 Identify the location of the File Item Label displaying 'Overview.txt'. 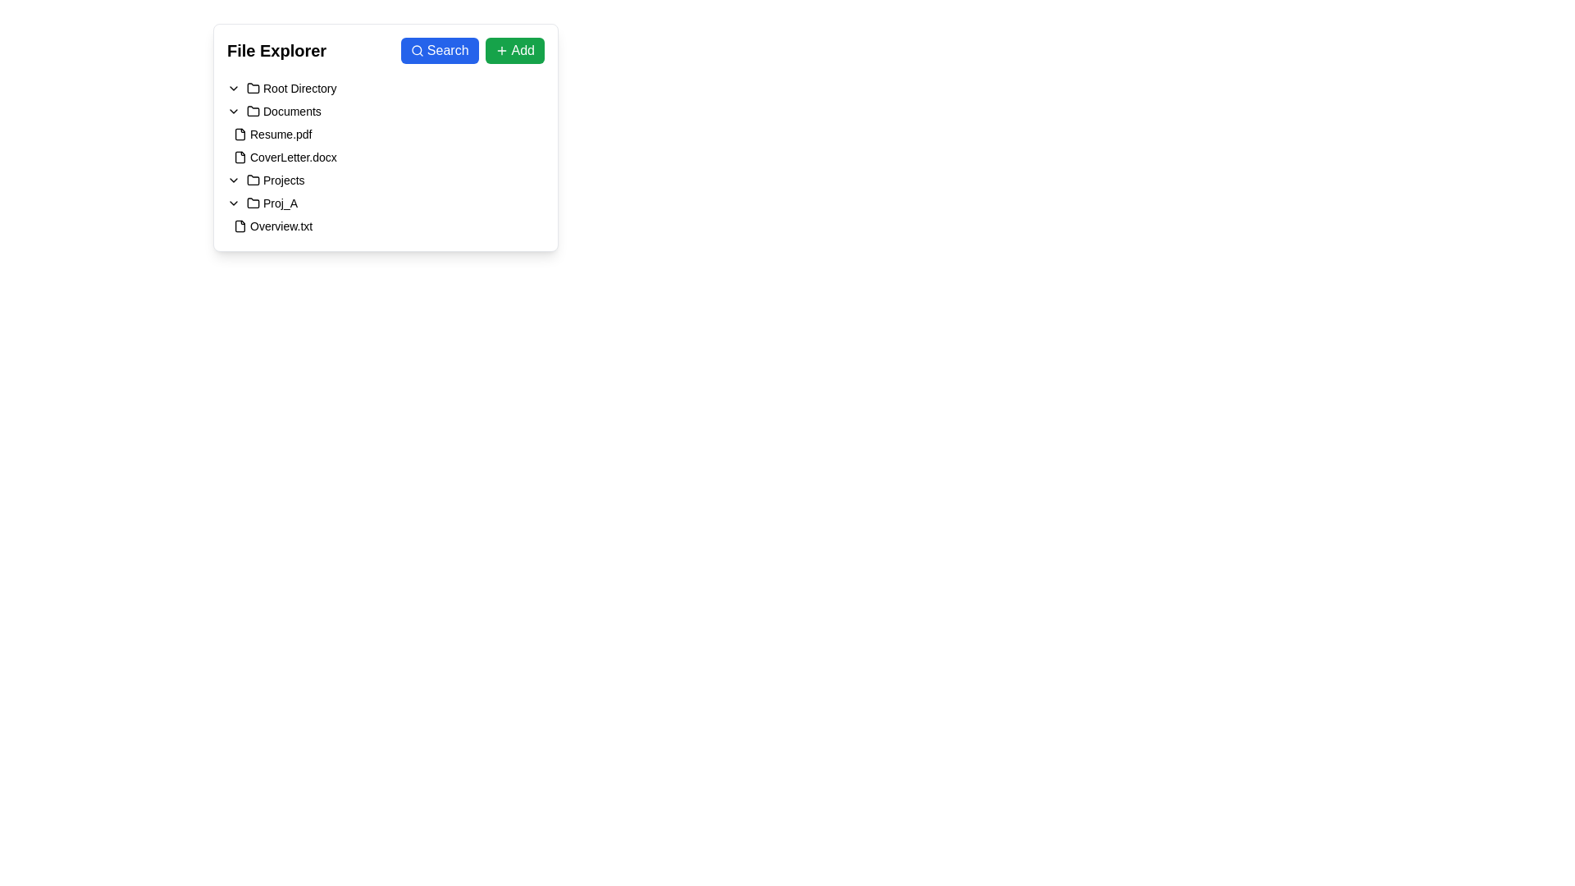
(273, 226).